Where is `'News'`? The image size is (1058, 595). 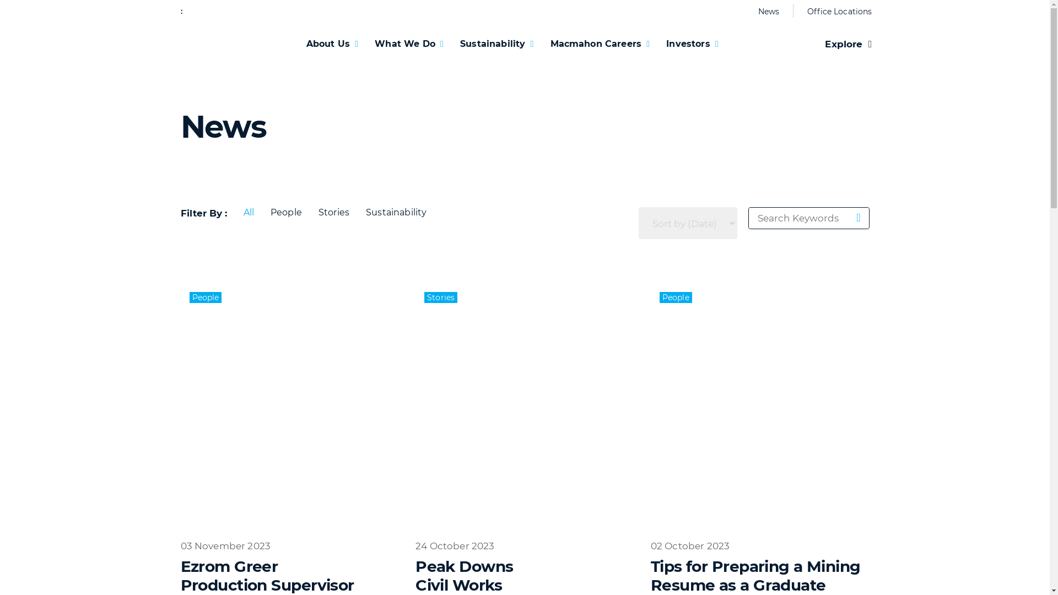 'News' is located at coordinates (768, 11).